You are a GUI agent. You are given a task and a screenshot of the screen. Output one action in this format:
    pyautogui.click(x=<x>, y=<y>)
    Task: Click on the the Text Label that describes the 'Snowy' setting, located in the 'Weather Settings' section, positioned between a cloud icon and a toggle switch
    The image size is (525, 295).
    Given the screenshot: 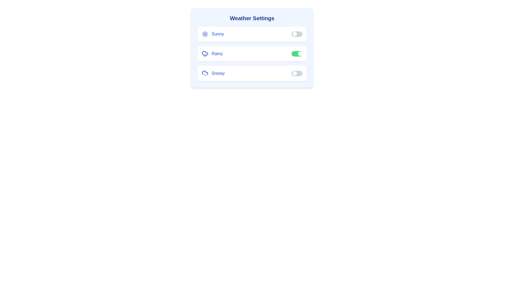 What is the action you would take?
    pyautogui.click(x=218, y=73)
    